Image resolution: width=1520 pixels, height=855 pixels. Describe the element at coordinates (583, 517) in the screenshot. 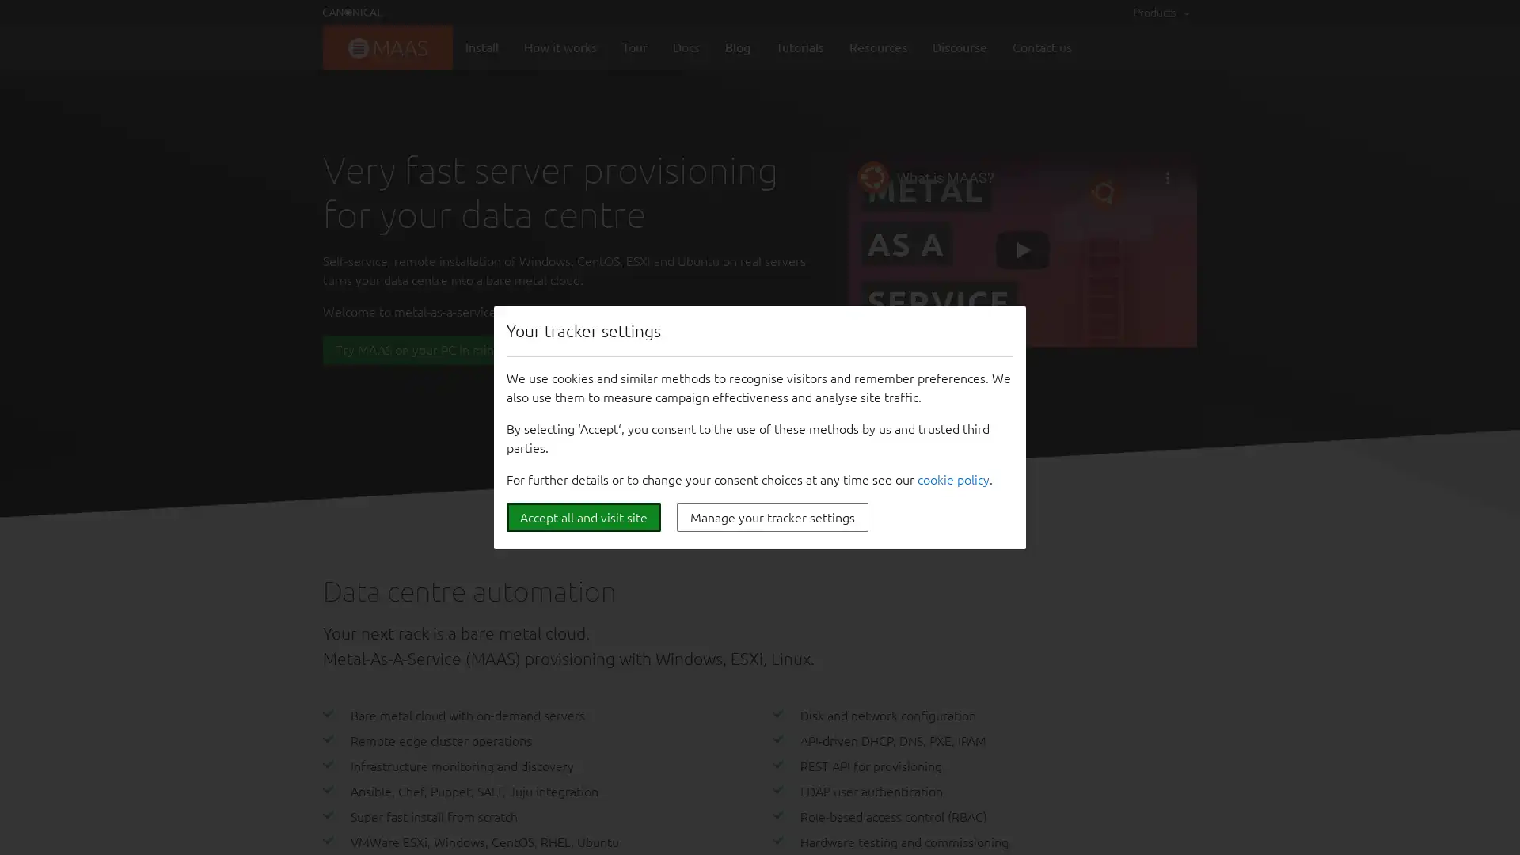

I see `Accept all and visit site` at that location.